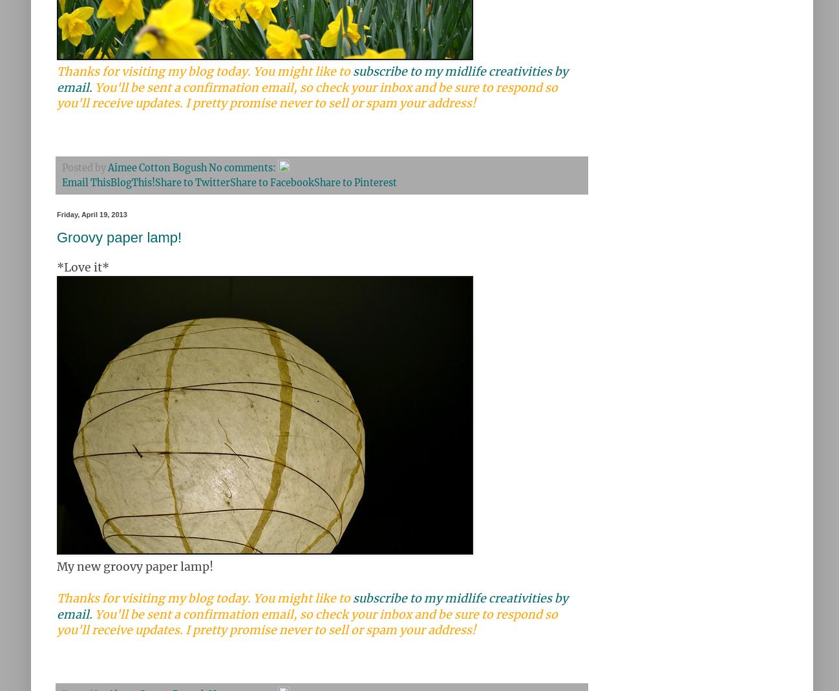  Describe the element at coordinates (118, 237) in the screenshot. I see `'Groovy paper lamp!'` at that location.